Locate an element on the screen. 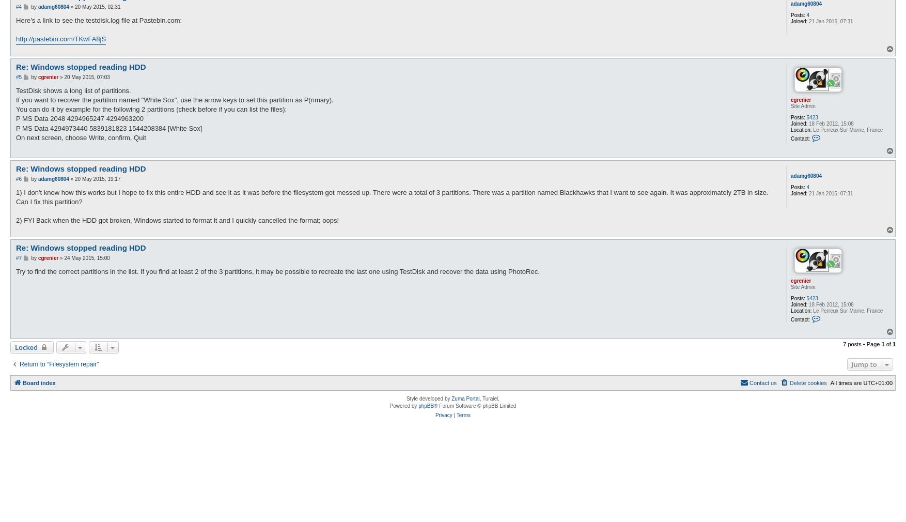 The image size is (906, 522). 'UTC+01:00' is located at coordinates (863, 382).